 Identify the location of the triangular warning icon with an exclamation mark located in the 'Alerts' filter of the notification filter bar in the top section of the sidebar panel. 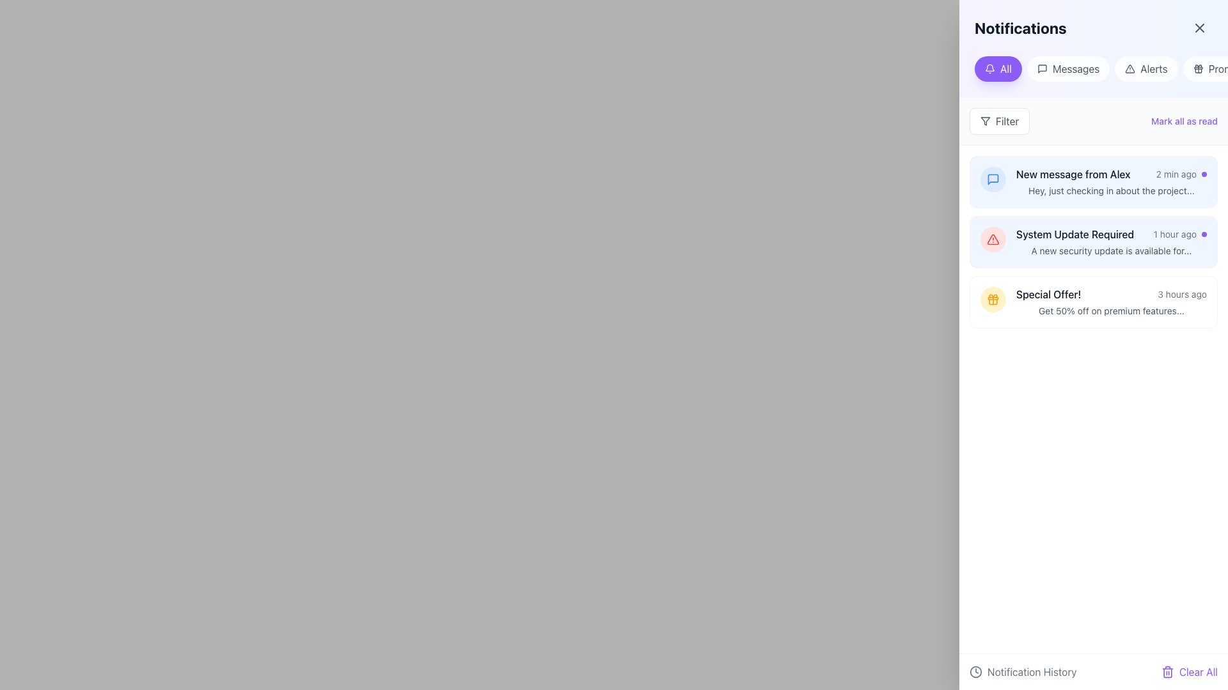
(1130, 69).